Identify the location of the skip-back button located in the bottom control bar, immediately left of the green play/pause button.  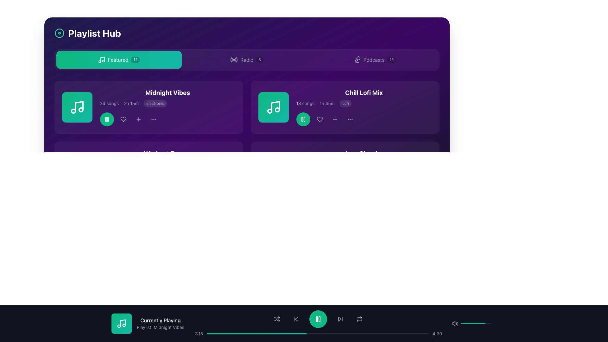
(295, 319).